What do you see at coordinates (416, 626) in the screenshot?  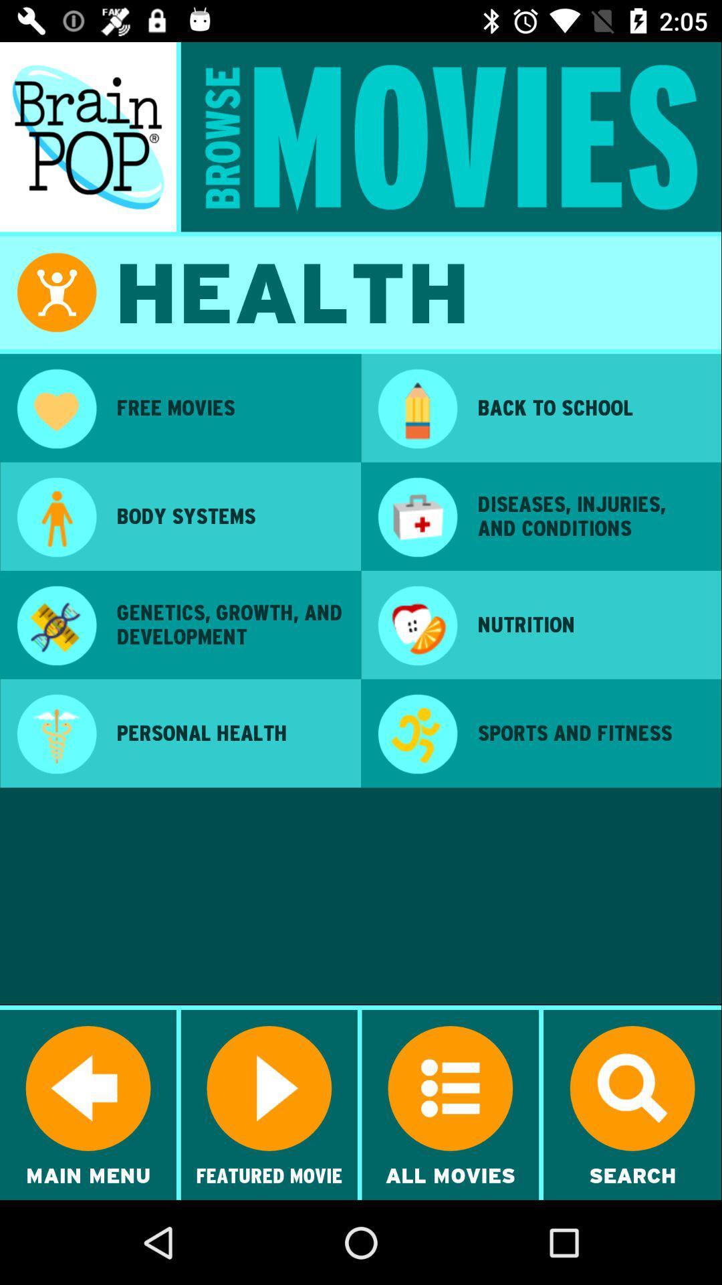 I see `the icon next to genetics growth and` at bounding box center [416, 626].